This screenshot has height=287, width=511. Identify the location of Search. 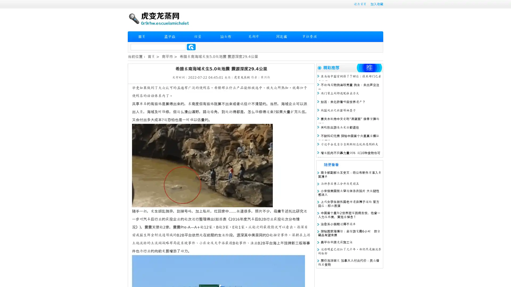
(191, 47).